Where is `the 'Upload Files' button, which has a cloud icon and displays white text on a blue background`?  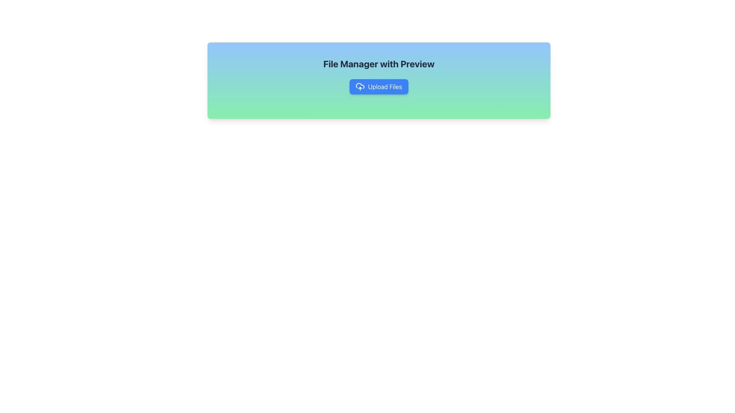
the 'Upload Files' button, which has a cloud icon and displays white text on a blue background is located at coordinates (379, 86).